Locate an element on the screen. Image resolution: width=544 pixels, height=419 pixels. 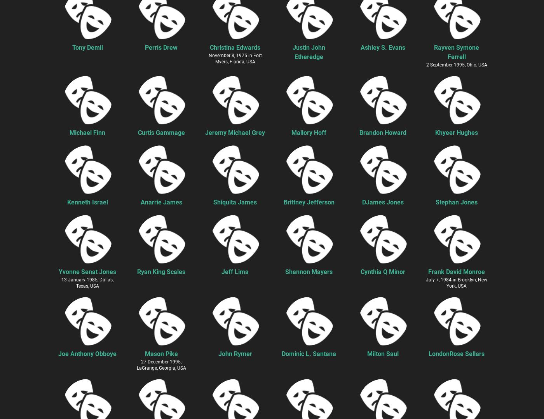
'July 7, 1984 in Brooklyn, New York, USA' is located at coordinates (426, 282).